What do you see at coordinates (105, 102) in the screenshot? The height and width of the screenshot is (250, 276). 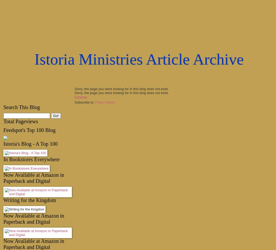 I see `'Posts (Atom)'` at bounding box center [105, 102].